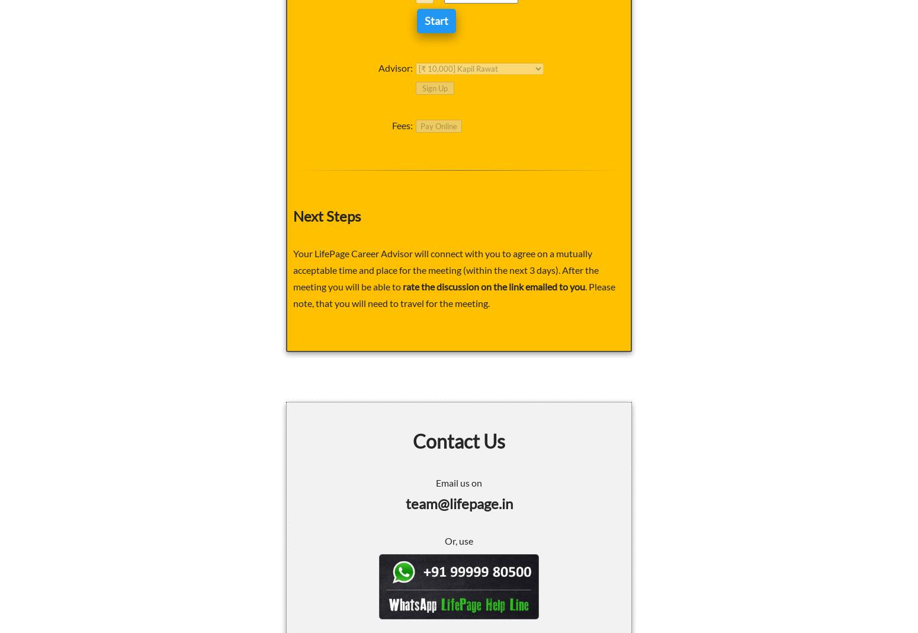 This screenshot has height=633, width=918. What do you see at coordinates (459, 481) in the screenshot?
I see `'Email us on'` at bounding box center [459, 481].